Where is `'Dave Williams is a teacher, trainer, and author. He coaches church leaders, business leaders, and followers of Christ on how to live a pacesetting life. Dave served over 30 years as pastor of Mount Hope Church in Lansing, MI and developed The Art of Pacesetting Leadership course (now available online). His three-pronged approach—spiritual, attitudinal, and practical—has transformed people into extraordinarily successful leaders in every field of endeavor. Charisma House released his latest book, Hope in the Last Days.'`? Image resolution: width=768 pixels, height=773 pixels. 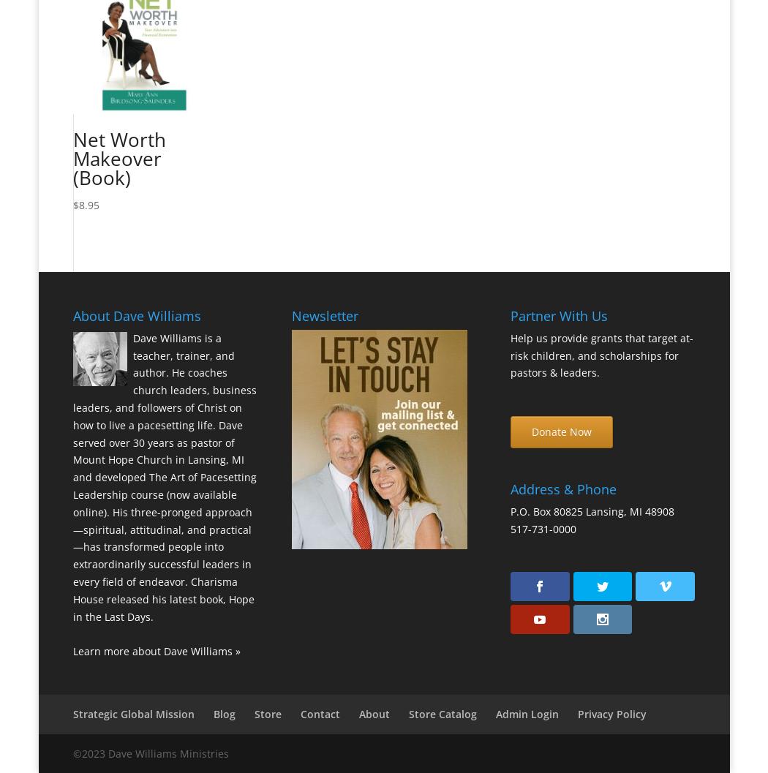 'Dave Williams is a teacher, trainer, and author. He coaches church leaders, business leaders, and followers of Christ on how to live a pacesetting life. Dave served over 30 years as pastor of Mount Hope Church in Lansing, MI and developed The Art of Pacesetting Leadership course (now available online). His three-pronged approach—spiritual, attitudinal, and practical—has transformed people into extraordinarily successful leaders in every field of endeavor. Charisma House released his latest book, Hope in the Last Days.' is located at coordinates (163, 476).